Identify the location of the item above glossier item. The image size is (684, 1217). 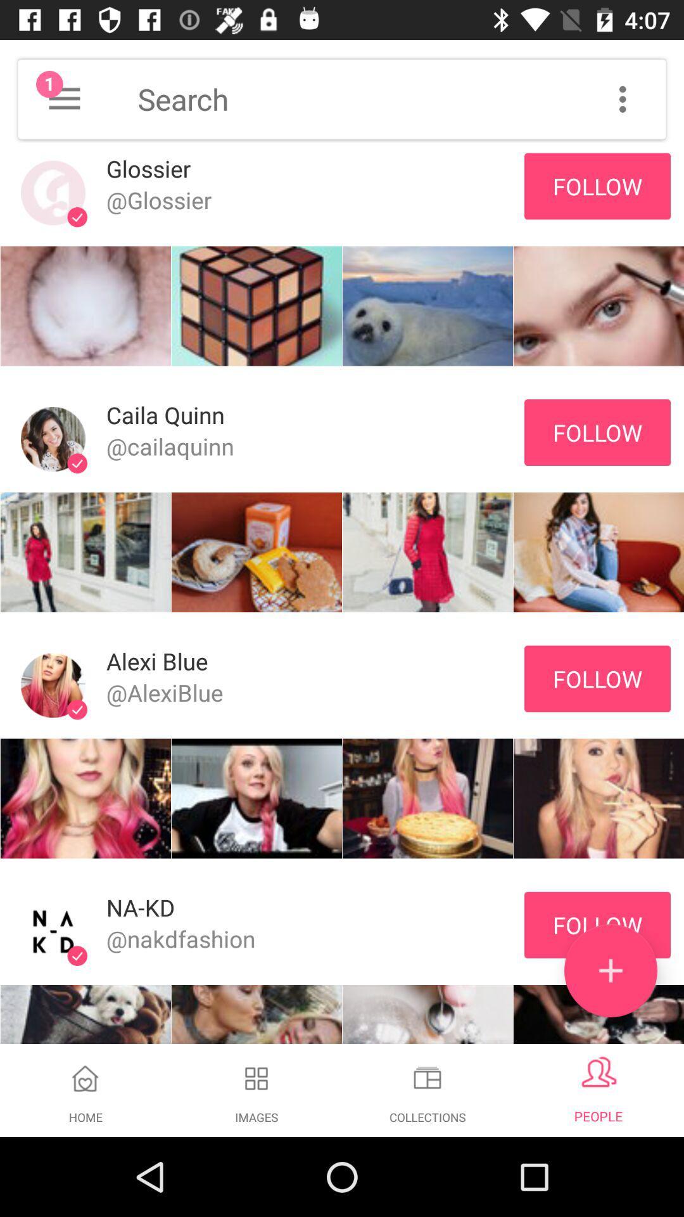
(64, 98).